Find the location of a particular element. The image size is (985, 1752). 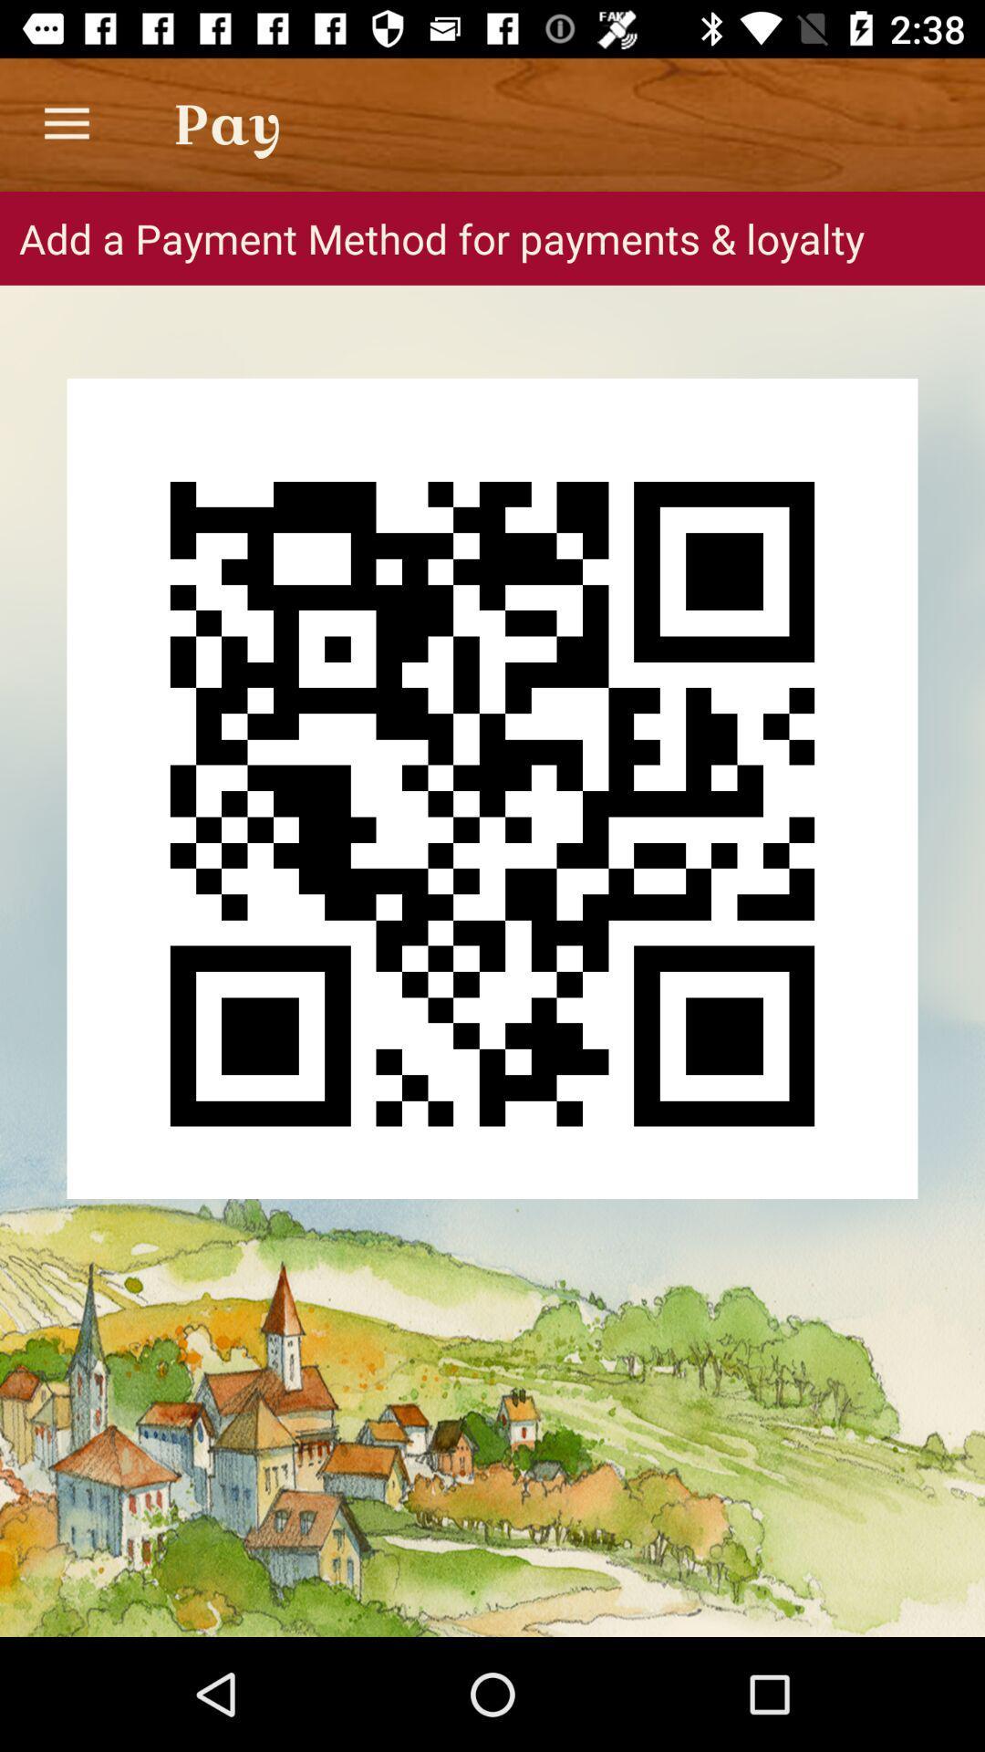

the icon at the center is located at coordinates (493, 788).